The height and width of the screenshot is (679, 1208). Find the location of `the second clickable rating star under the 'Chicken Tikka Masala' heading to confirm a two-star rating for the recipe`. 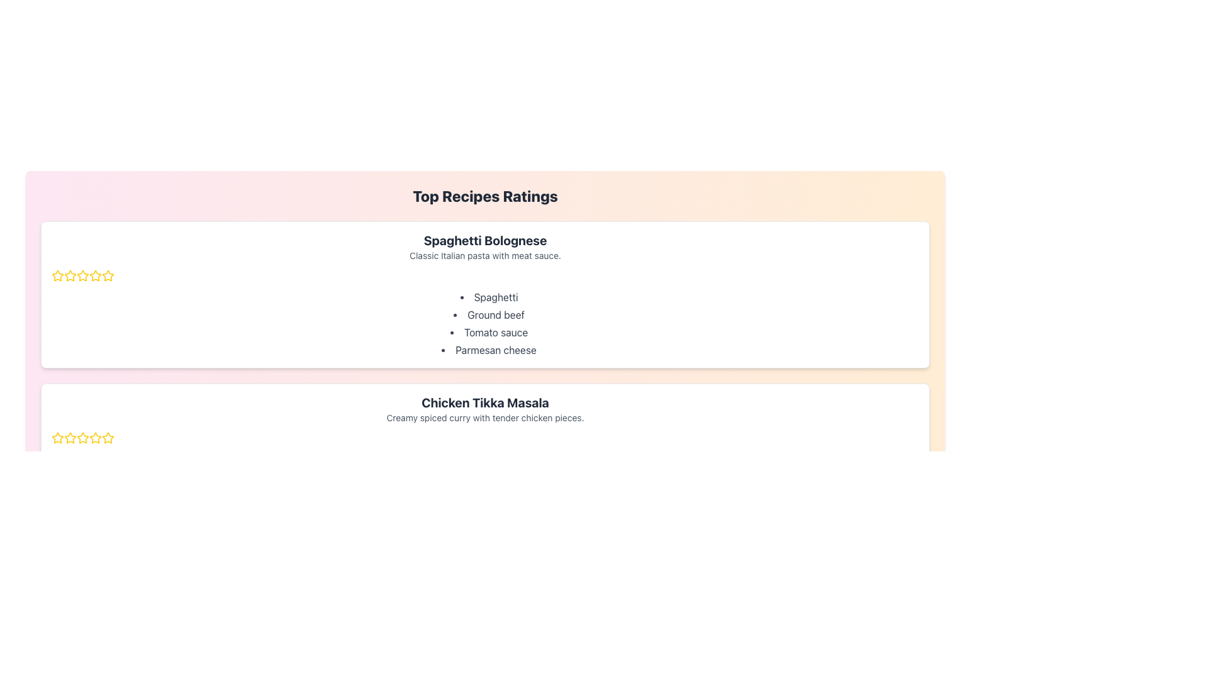

the second clickable rating star under the 'Chicken Tikka Masala' heading to confirm a two-star rating for the recipe is located at coordinates (95, 437).